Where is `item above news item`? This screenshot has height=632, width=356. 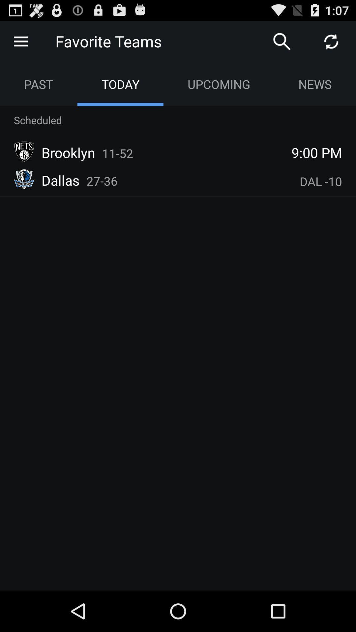 item above news item is located at coordinates (331, 41).